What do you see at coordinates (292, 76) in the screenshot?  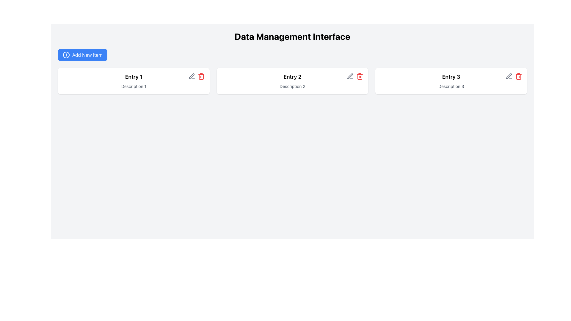 I see `the Text Label displaying 'Entry 2', which is bolded and positioned in the central column of a white card with rounded corners` at bounding box center [292, 76].